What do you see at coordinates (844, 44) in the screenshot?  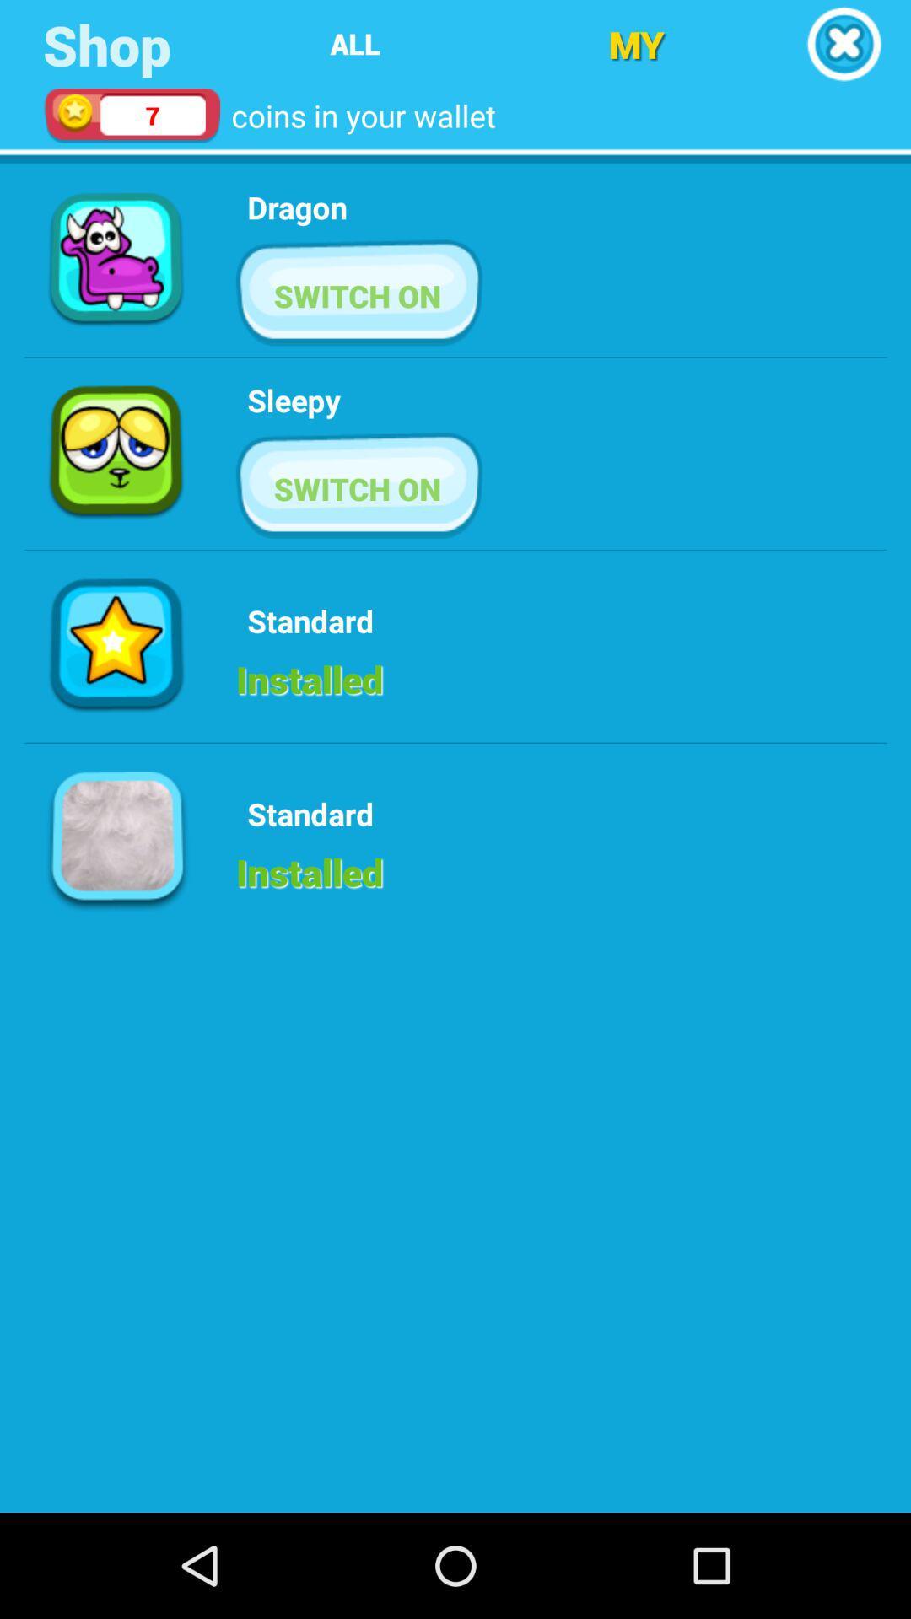 I see `icon next to my` at bounding box center [844, 44].